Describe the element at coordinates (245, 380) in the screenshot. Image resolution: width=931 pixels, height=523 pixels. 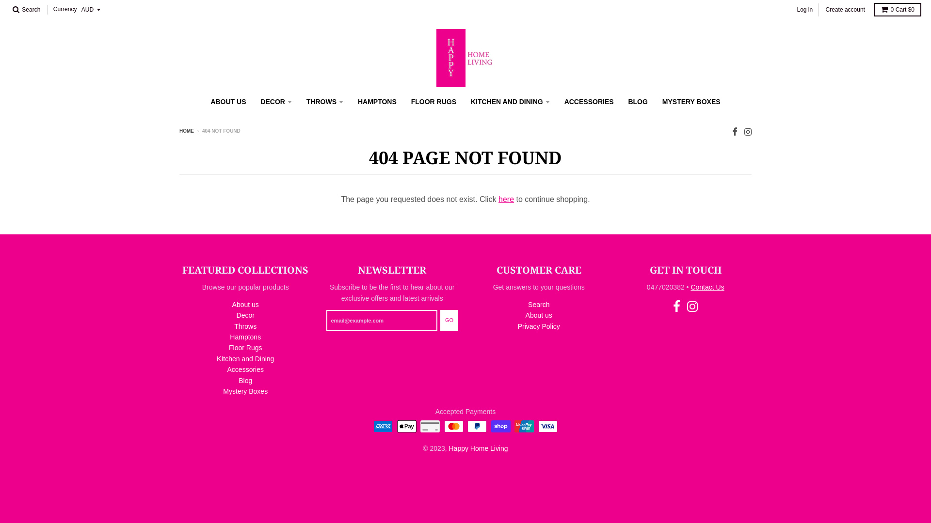
I see `'Blog'` at that location.